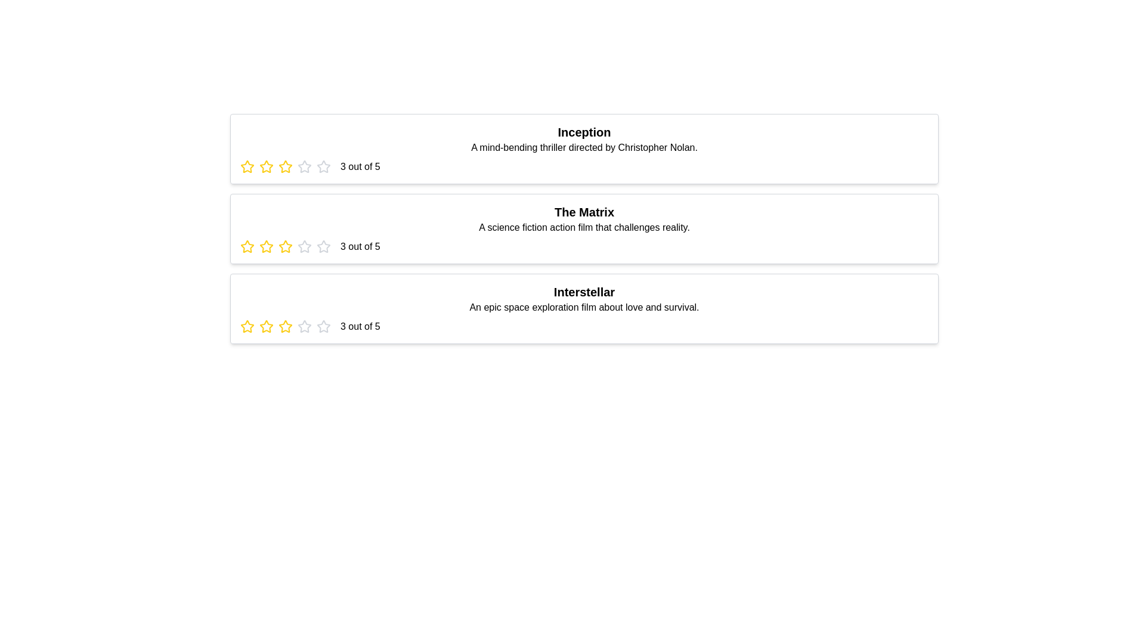 This screenshot has height=644, width=1145. What do you see at coordinates (285, 326) in the screenshot?
I see `the star corresponding to 3 stars for the movie titled Interstellar` at bounding box center [285, 326].